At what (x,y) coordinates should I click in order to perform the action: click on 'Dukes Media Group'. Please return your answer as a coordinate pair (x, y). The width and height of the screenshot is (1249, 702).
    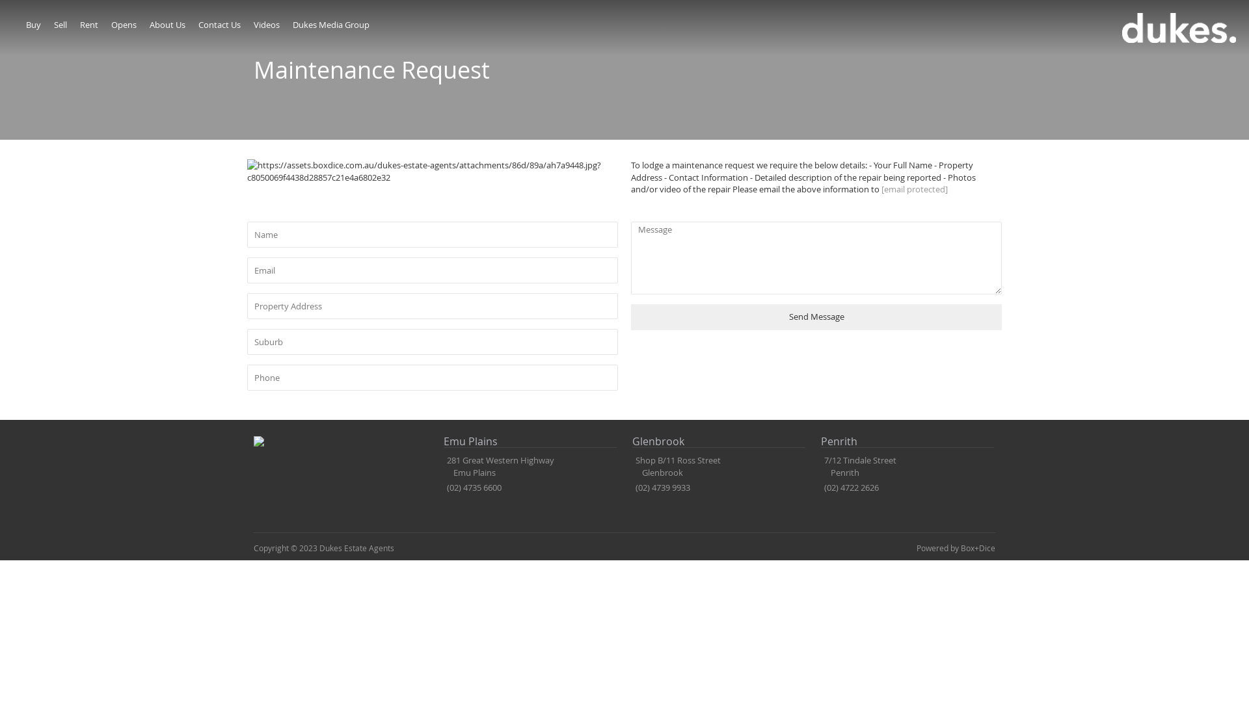
    Looking at the image, I should click on (330, 25).